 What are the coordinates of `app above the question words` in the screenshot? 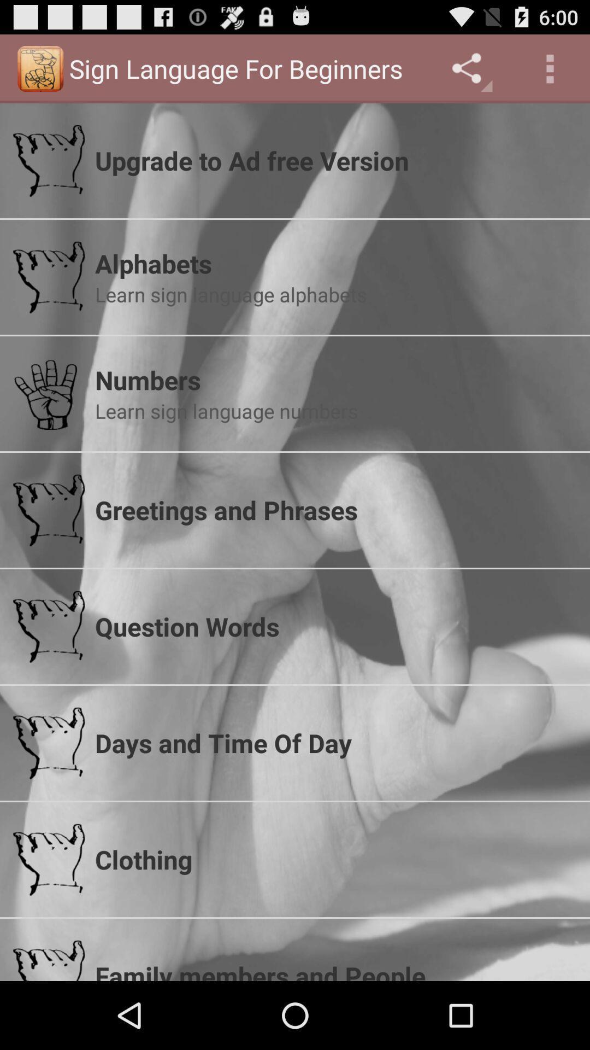 It's located at (335, 509).